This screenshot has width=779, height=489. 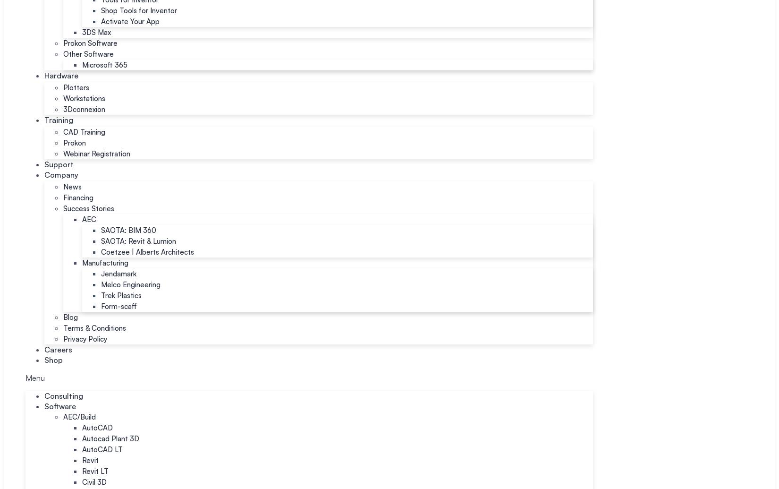 I want to click on 'Shop', so click(x=53, y=359).